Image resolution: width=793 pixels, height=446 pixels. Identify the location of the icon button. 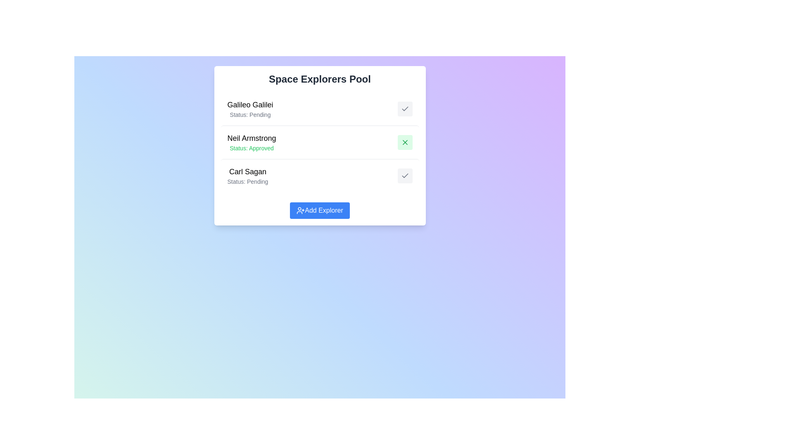
(405, 142).